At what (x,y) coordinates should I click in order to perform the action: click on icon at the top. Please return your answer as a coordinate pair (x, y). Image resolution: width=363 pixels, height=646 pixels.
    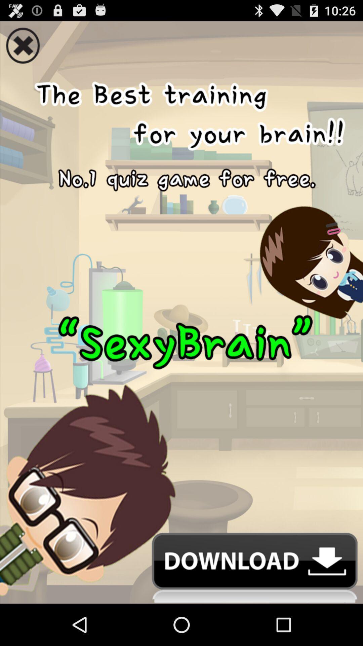
    Looking at the image, I should click on (182, 43).